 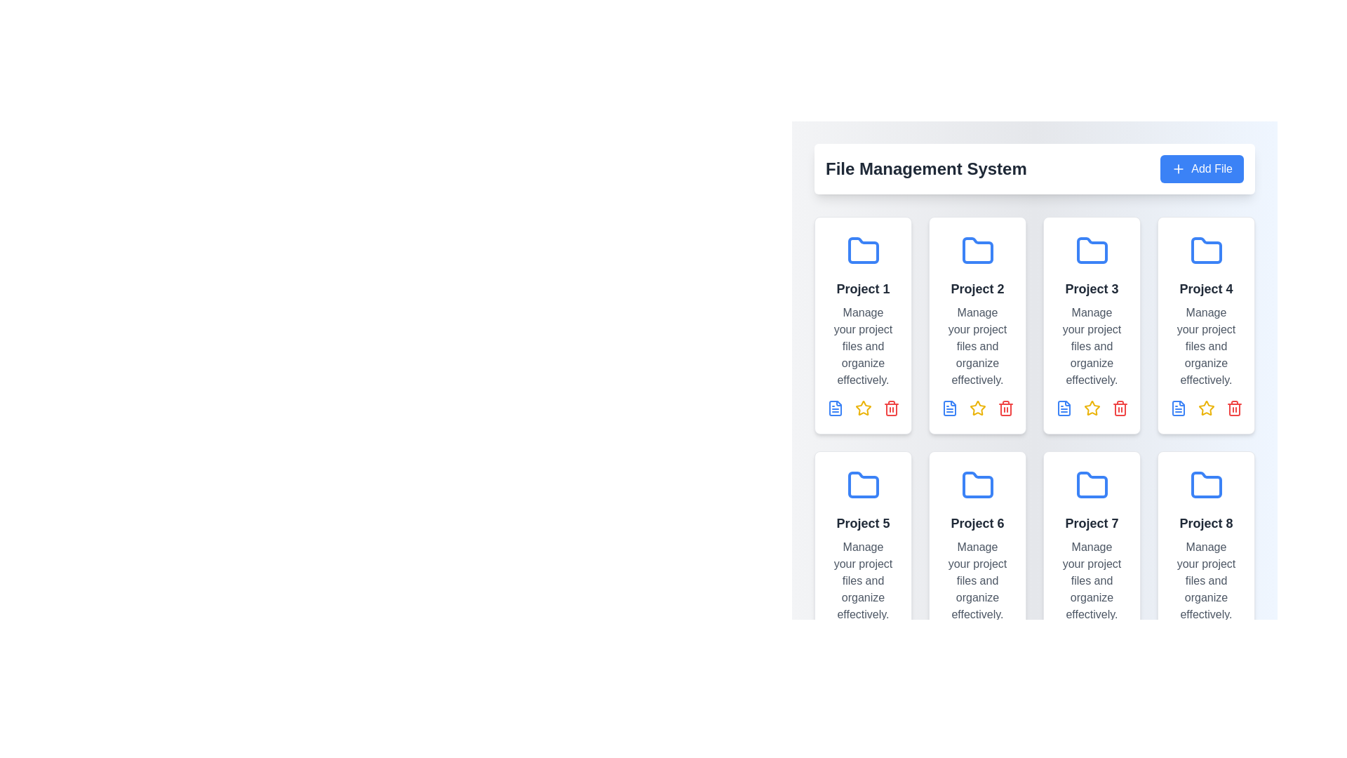 I want to click on the blue outlined folder icon with a slight opening at the top left corner, so click(x=1205, y=484).